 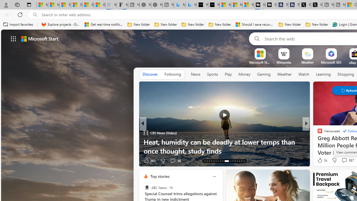 I want to click on 'Top stories', so click(x=159, y=176).